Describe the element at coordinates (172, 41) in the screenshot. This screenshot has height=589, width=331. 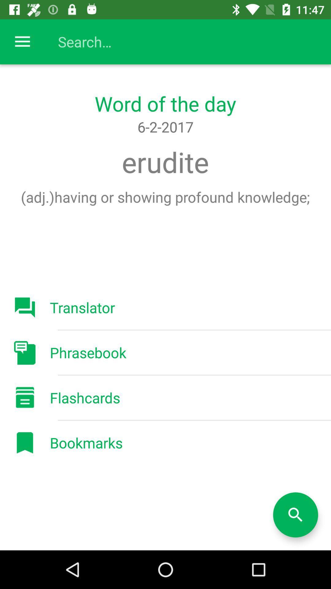
I see `search bar` at that location.